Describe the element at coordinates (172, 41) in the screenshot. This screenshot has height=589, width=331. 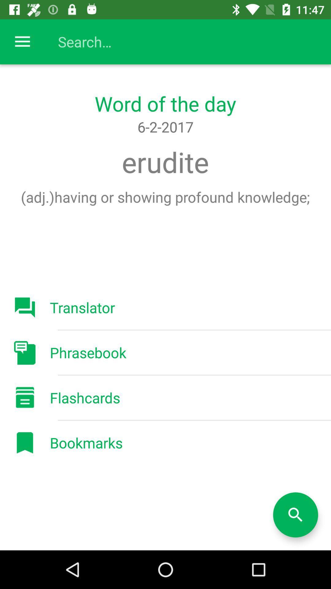
I see `search bar` at that location.